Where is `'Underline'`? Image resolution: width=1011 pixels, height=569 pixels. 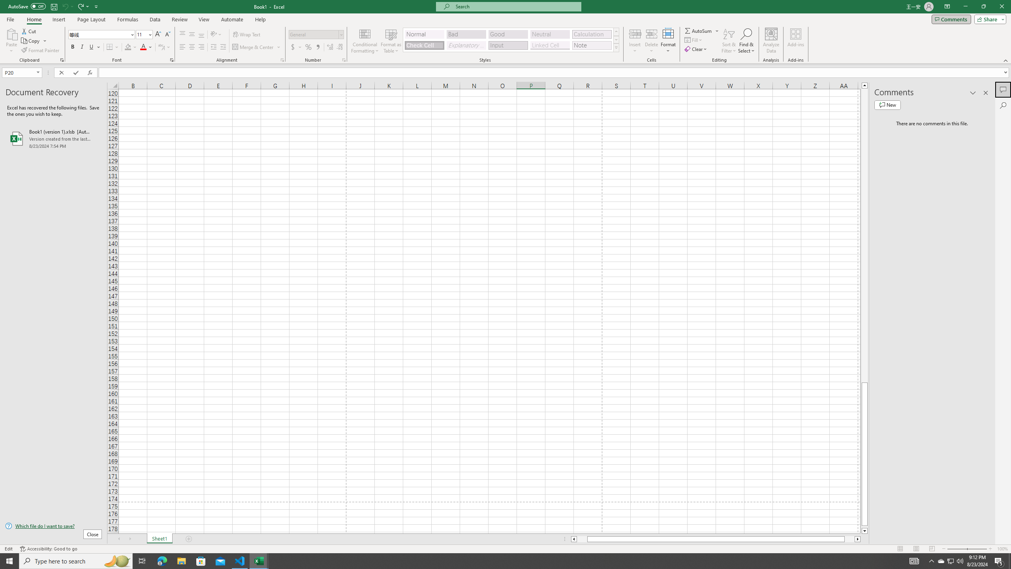 'Underline' is located at coordinates (94, 47).